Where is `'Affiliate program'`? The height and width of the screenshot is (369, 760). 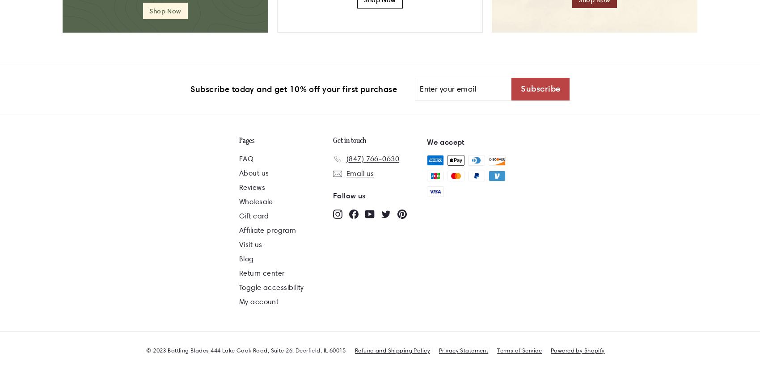 'Affiliate program' is located at coordinates (267, 229).